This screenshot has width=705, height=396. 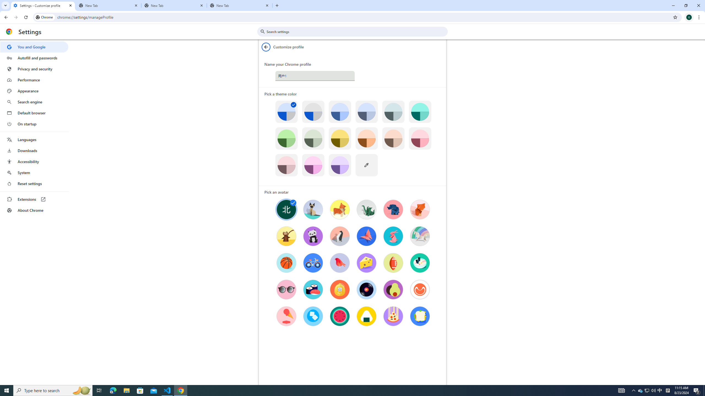 I want to click on 'About Chrome', so click(x=34, y=210).